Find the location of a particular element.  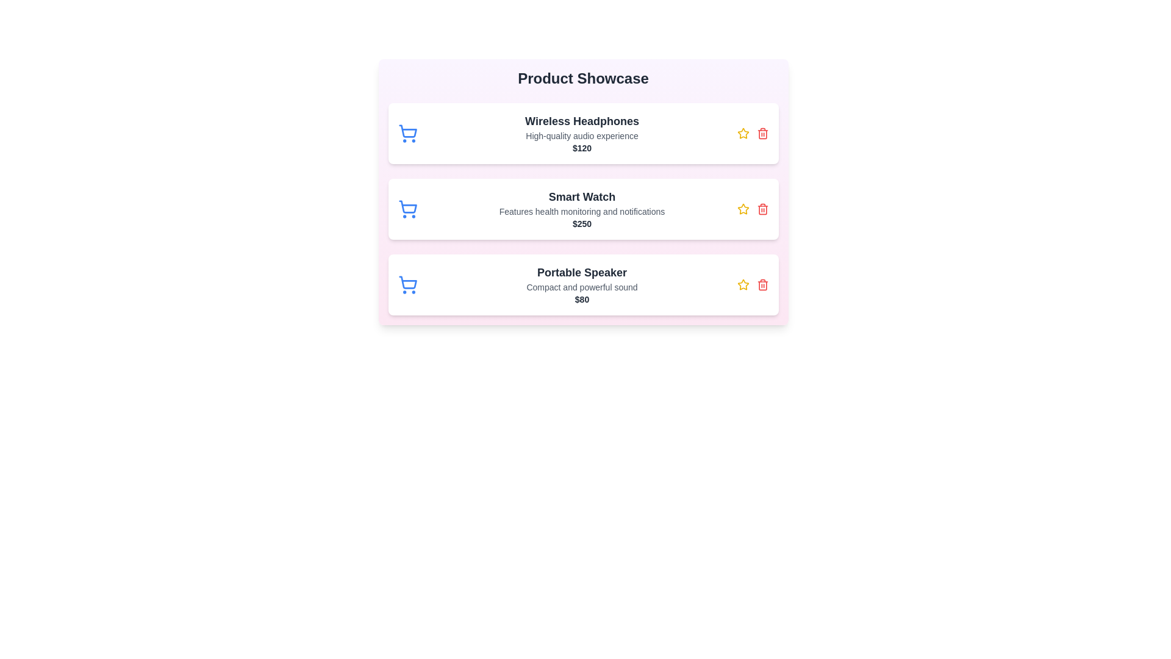

the shopping cart icon for the product Portable Speaker is located at coordinates (407, 284).